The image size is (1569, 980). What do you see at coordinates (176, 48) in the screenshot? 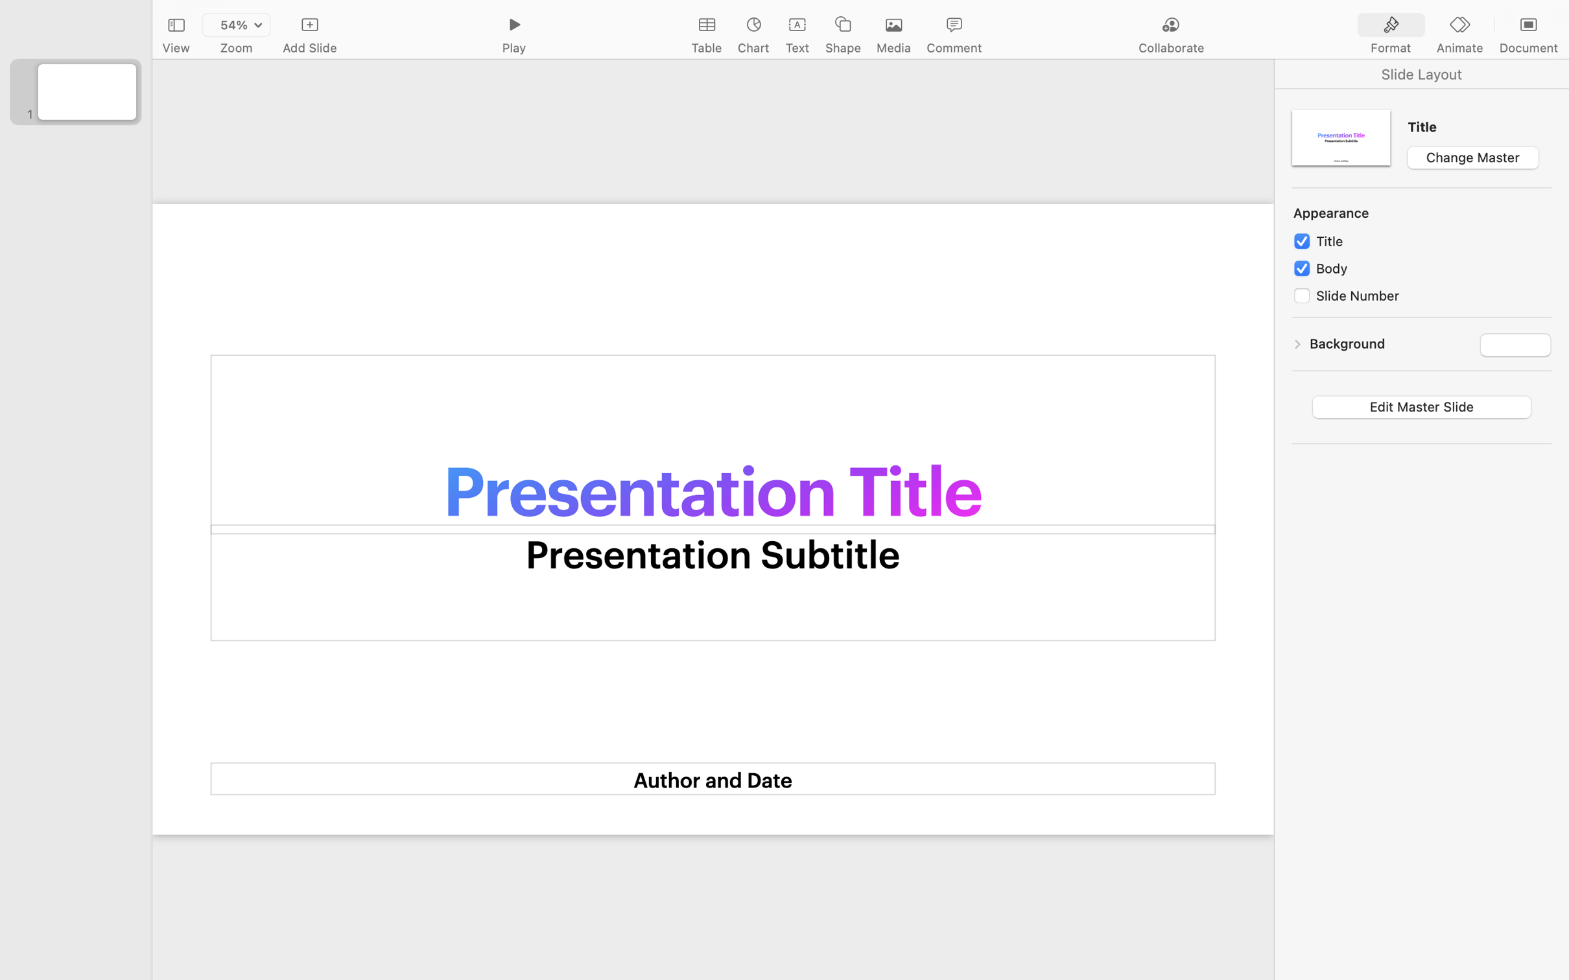
I see `'View'` at bounding box center [176, 48].